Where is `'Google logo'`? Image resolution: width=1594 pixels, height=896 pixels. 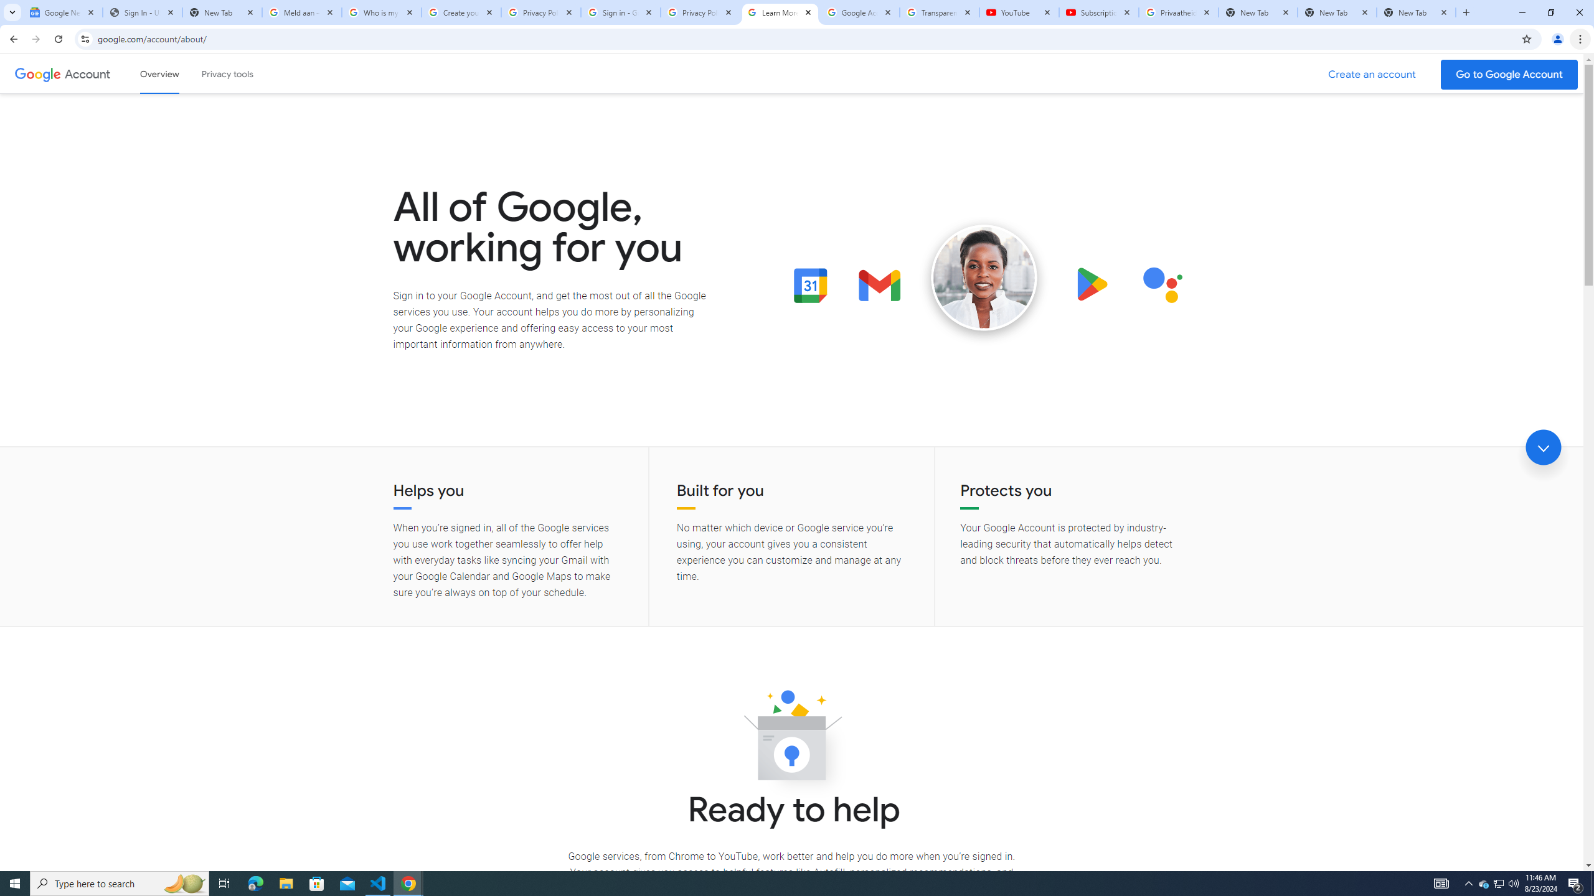
'Google logo' is located at coordinates (37, 73).